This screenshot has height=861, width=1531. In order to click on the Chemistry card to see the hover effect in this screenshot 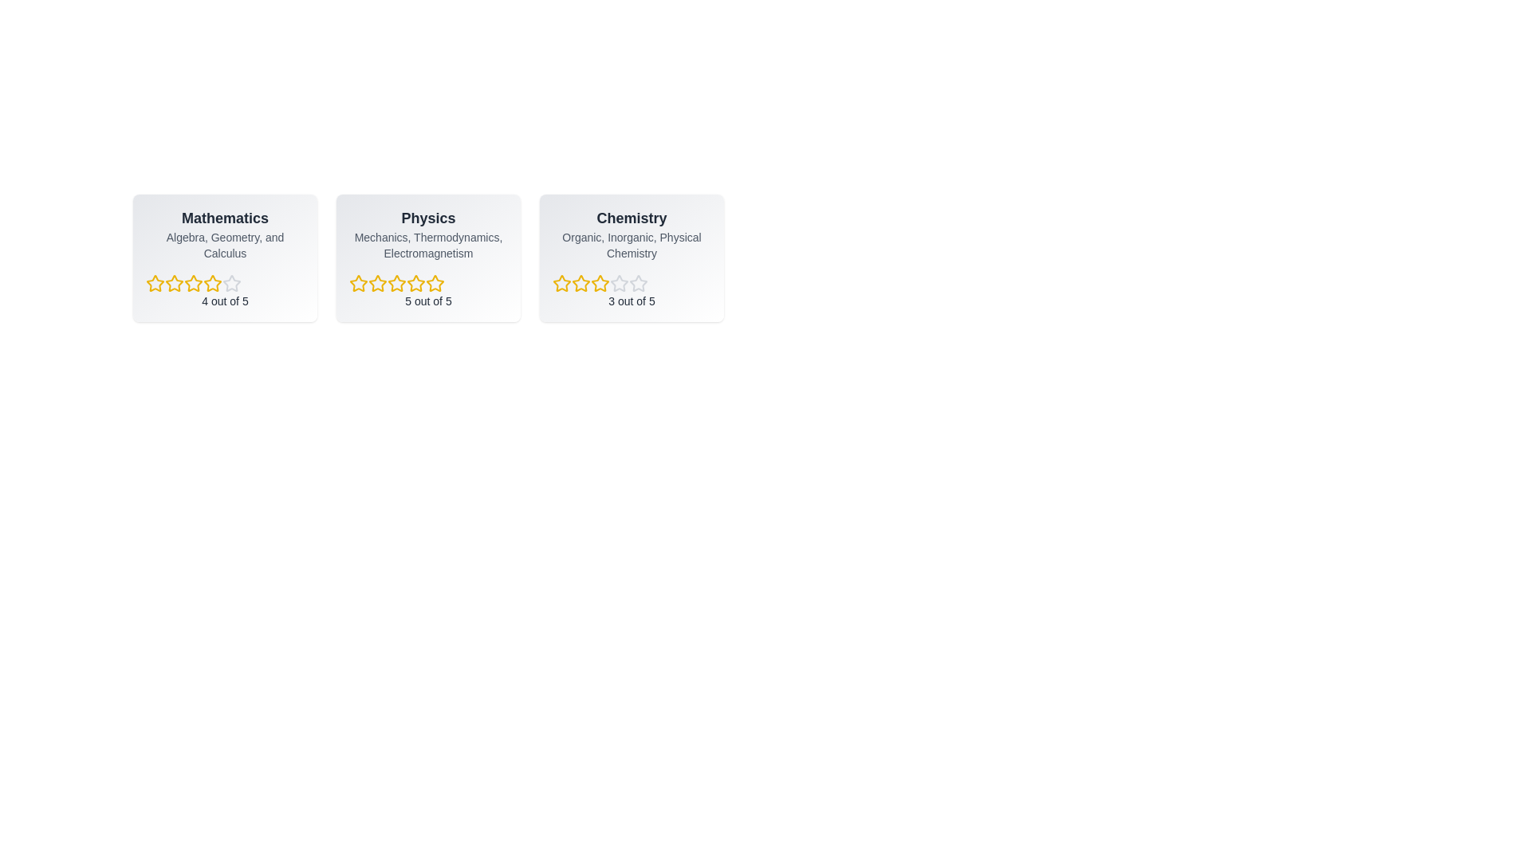, I will do `click(631, 258)`.